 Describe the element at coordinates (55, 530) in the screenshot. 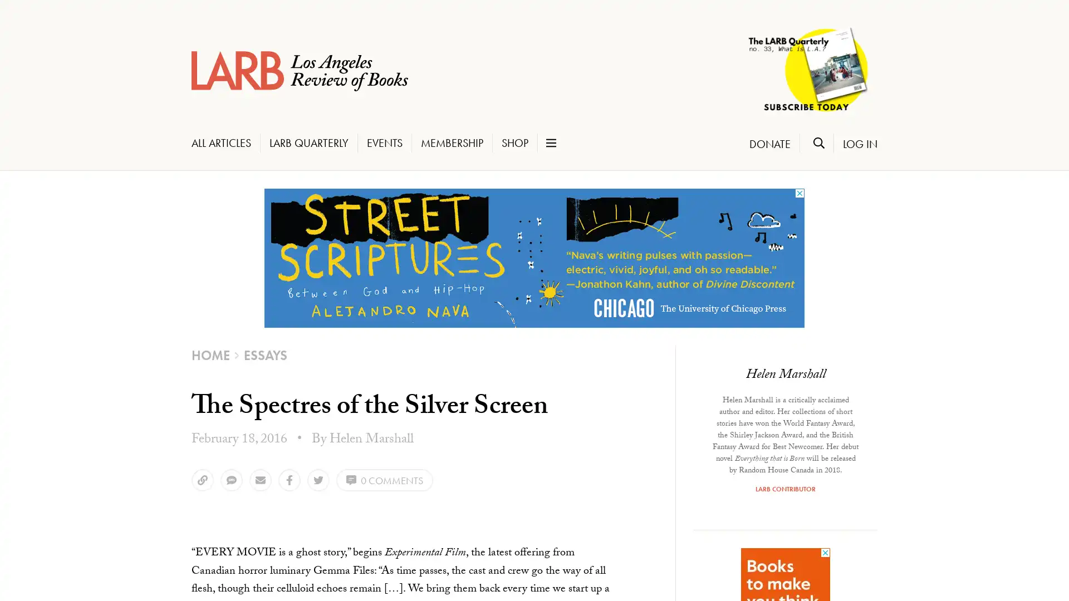

I see `Sign Up` at that location.